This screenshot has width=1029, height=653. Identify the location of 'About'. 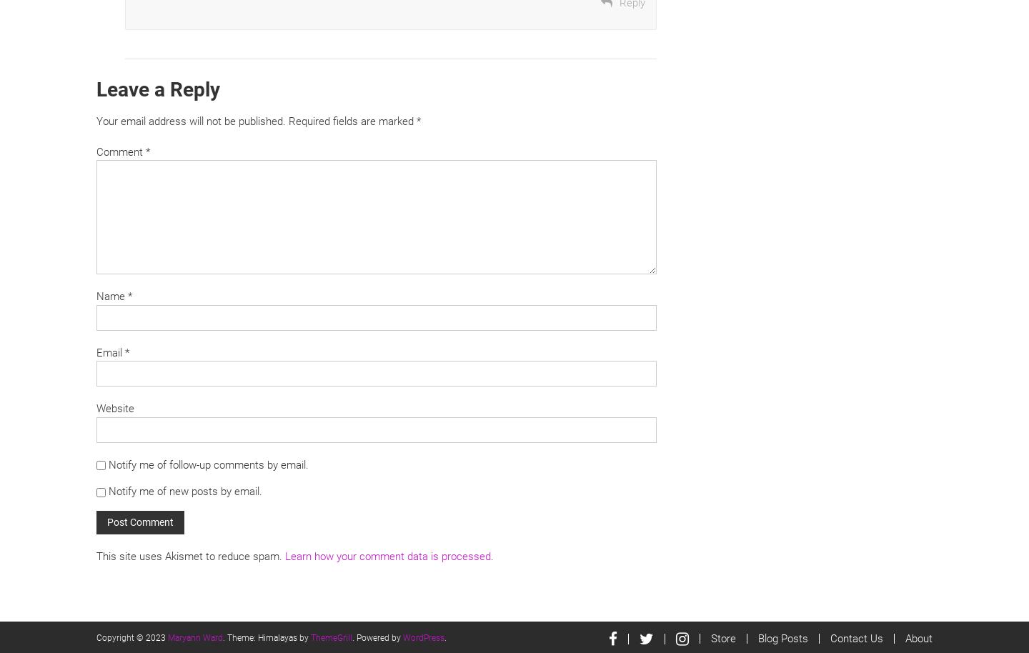
(919, 637).